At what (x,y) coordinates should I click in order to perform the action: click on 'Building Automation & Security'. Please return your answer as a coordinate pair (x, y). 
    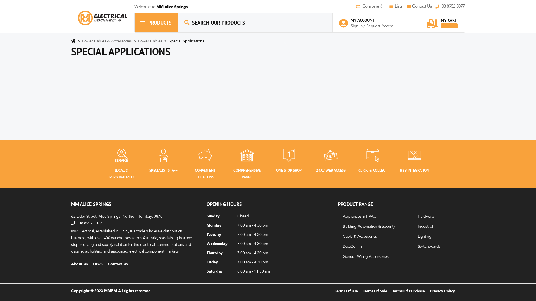
    Looking at the image, I should click on (343, 226).